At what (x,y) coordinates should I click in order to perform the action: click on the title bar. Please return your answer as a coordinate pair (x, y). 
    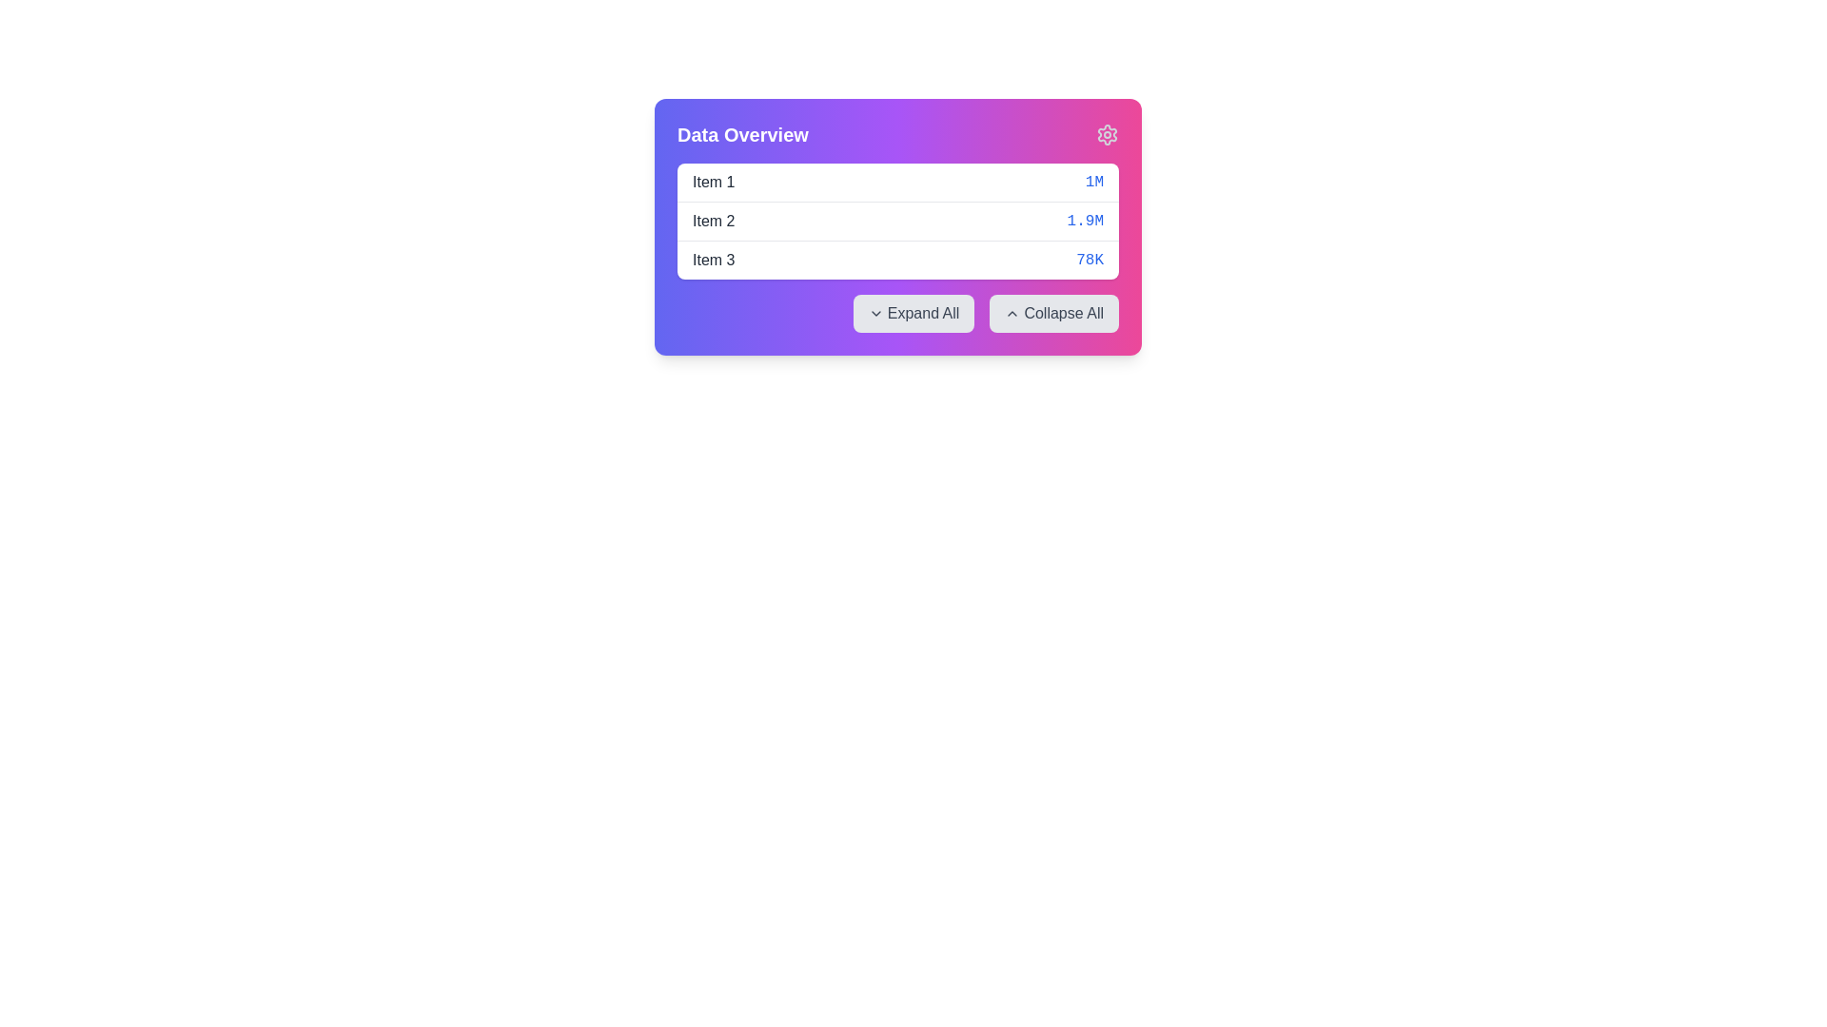
    Looking at the image, I should click on (897, 134).